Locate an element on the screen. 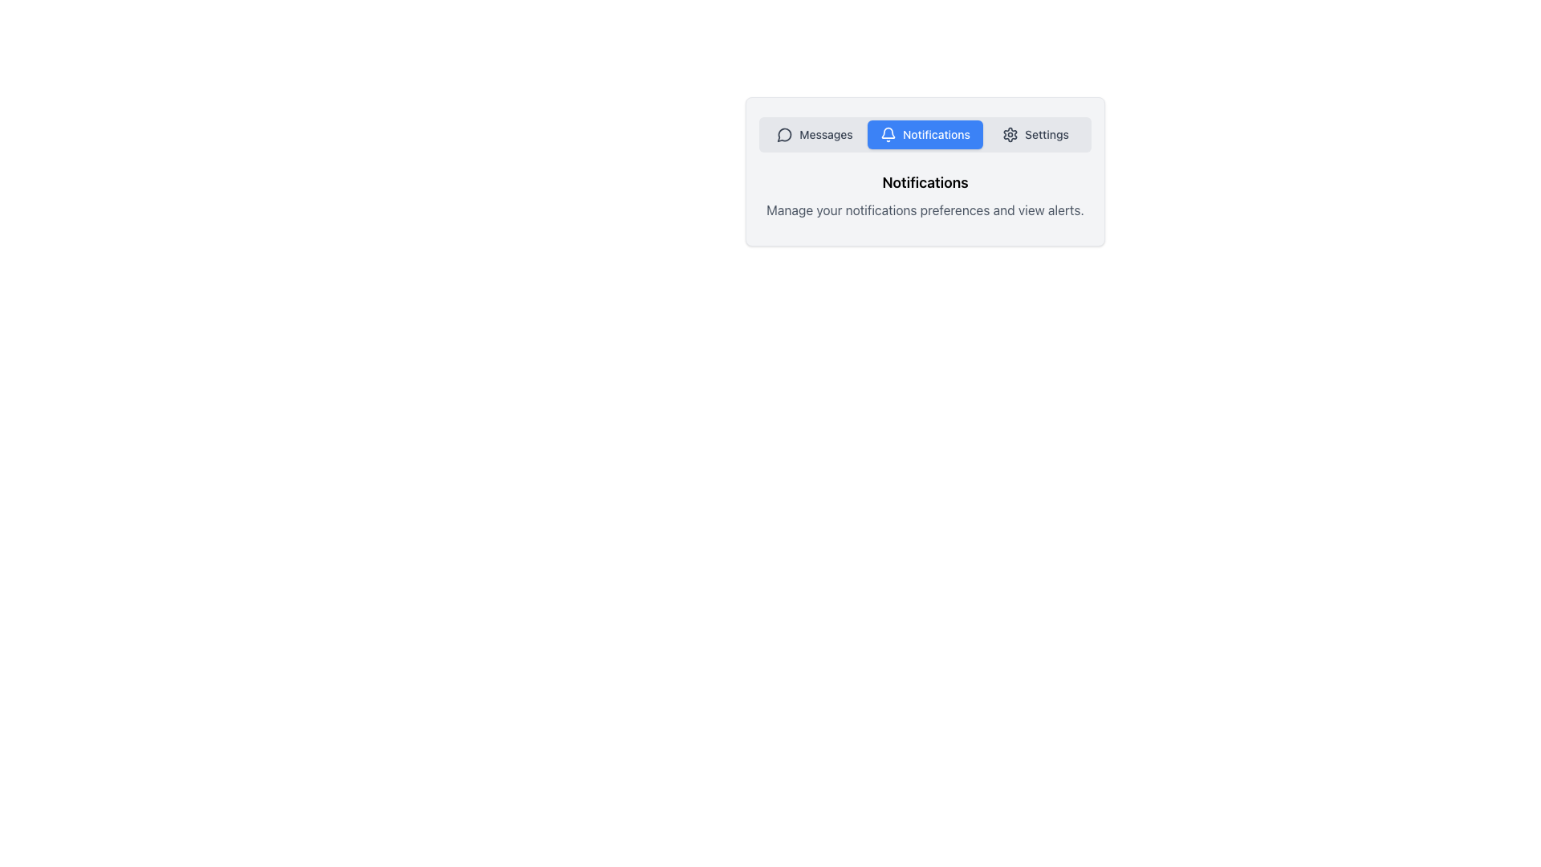 This screenshot has width=1541, height=867. the paragraph text stating 'Manage your notifications preferences and view alerts.' which is located directly beneath the 'Notifications' heading in the UI card is located at coordinates (925, 210).